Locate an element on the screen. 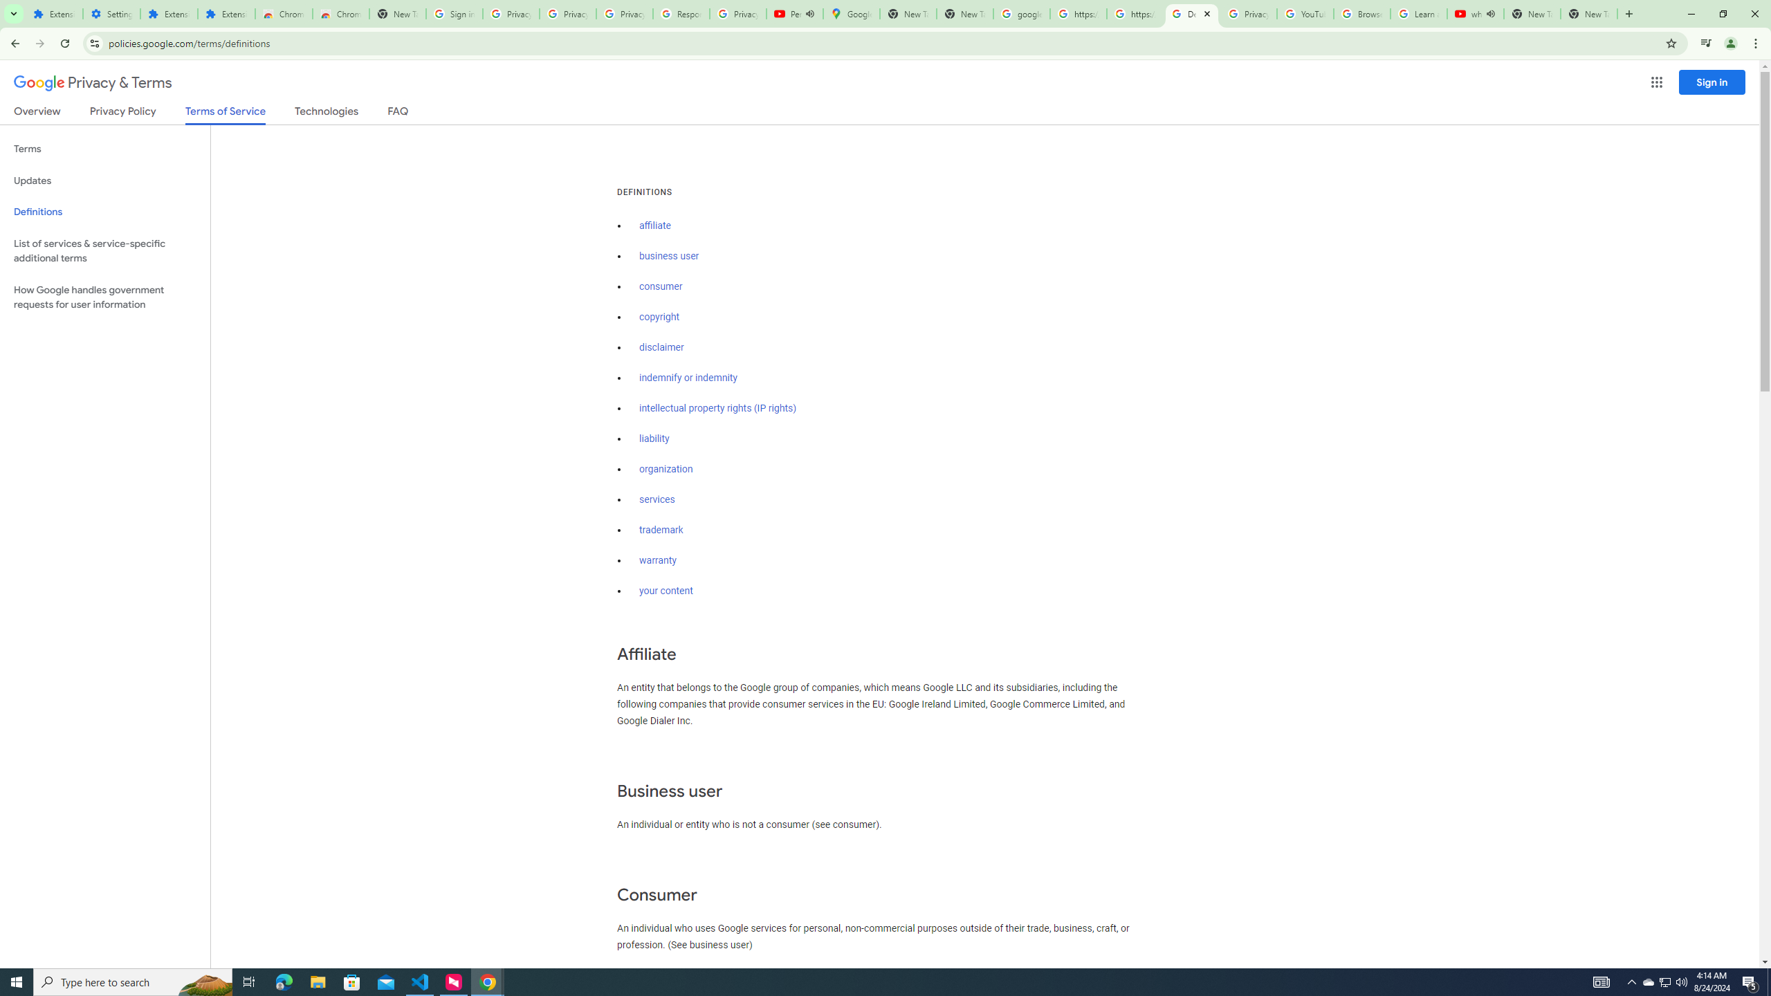 Image resolution: width=1771 pixels, height=996 pixels. 'liability' is located at coordinates (654, 439).